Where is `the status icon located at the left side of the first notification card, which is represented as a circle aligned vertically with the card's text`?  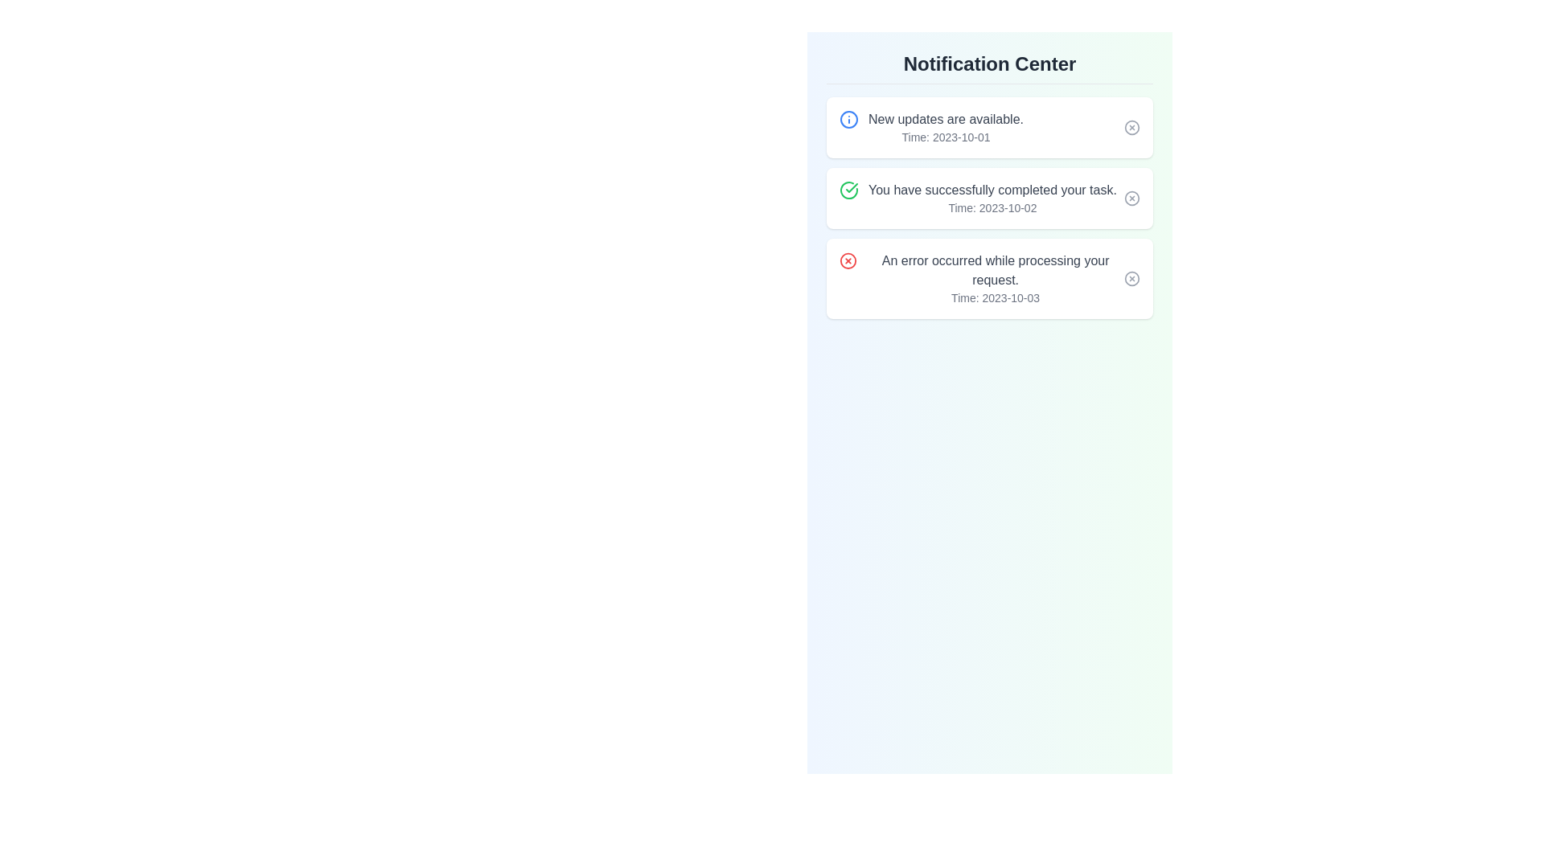 the status icon located at the left side of the first notification card, which is represented as a circle aligned vertically with the card's text is located at coordinates (848, 119).